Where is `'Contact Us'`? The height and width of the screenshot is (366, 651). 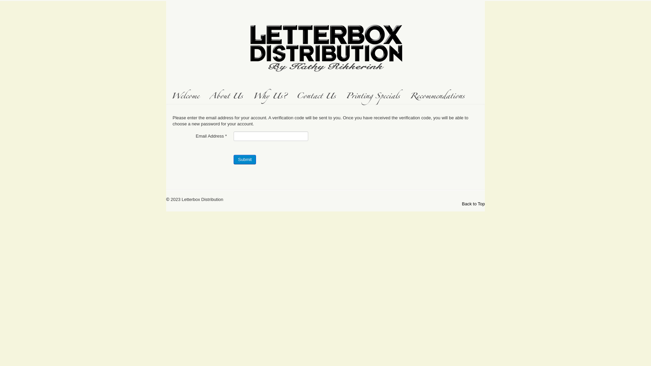 'Contact Us' is located at coordinates (291, 97).